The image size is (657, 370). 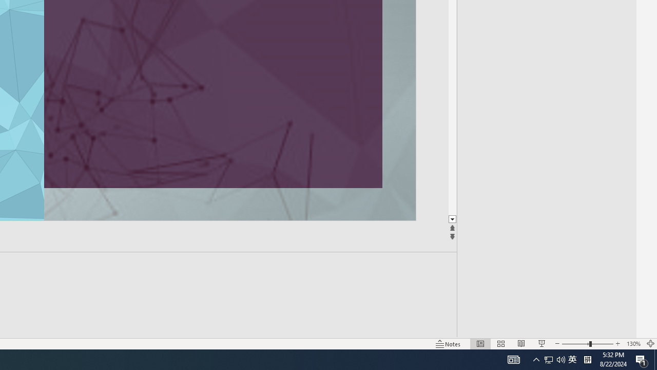 What do you see at coordinates (452, 219) in the screenshot?
I see `'Line down'` at bounding box center [452, 219].